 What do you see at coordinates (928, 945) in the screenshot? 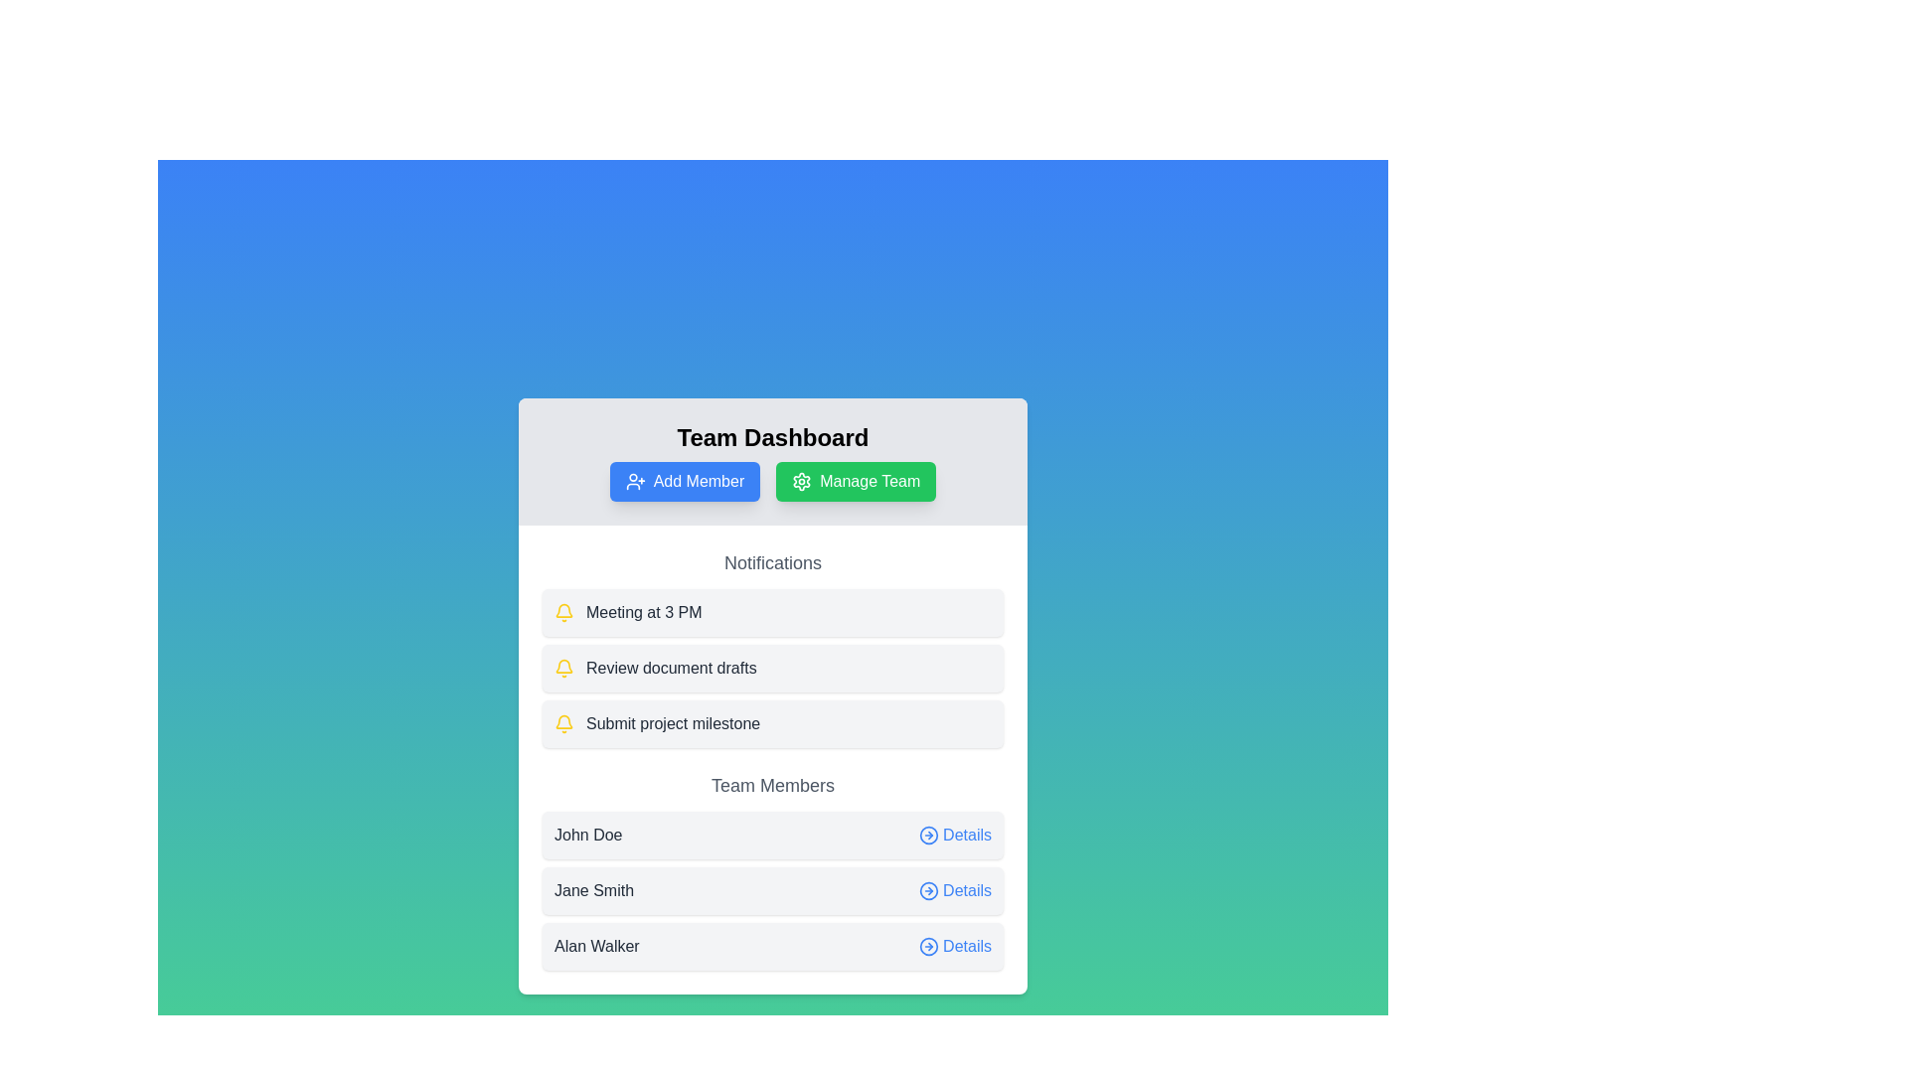
I see `the SVG circle component located at the bottom-right area of the 'Details' icon associated with Alan Walker` at bounding box center [928, 945].